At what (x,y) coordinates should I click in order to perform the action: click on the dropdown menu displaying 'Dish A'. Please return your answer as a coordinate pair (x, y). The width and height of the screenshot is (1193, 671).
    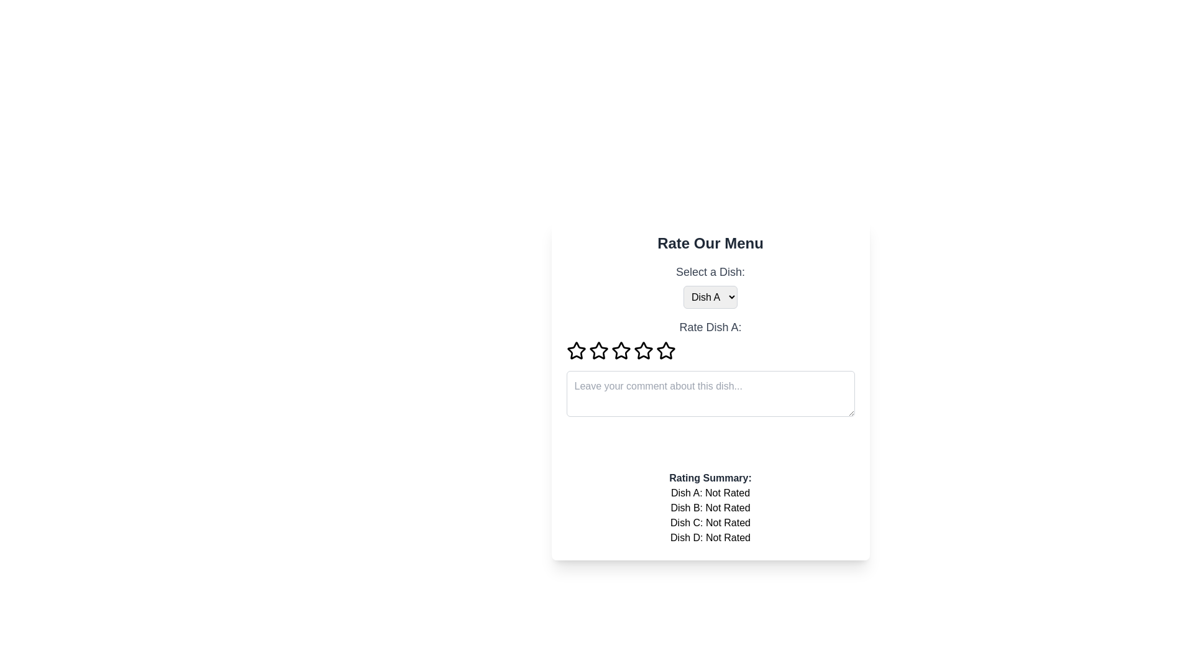
    Looking at the image, I should click on (710, 297).